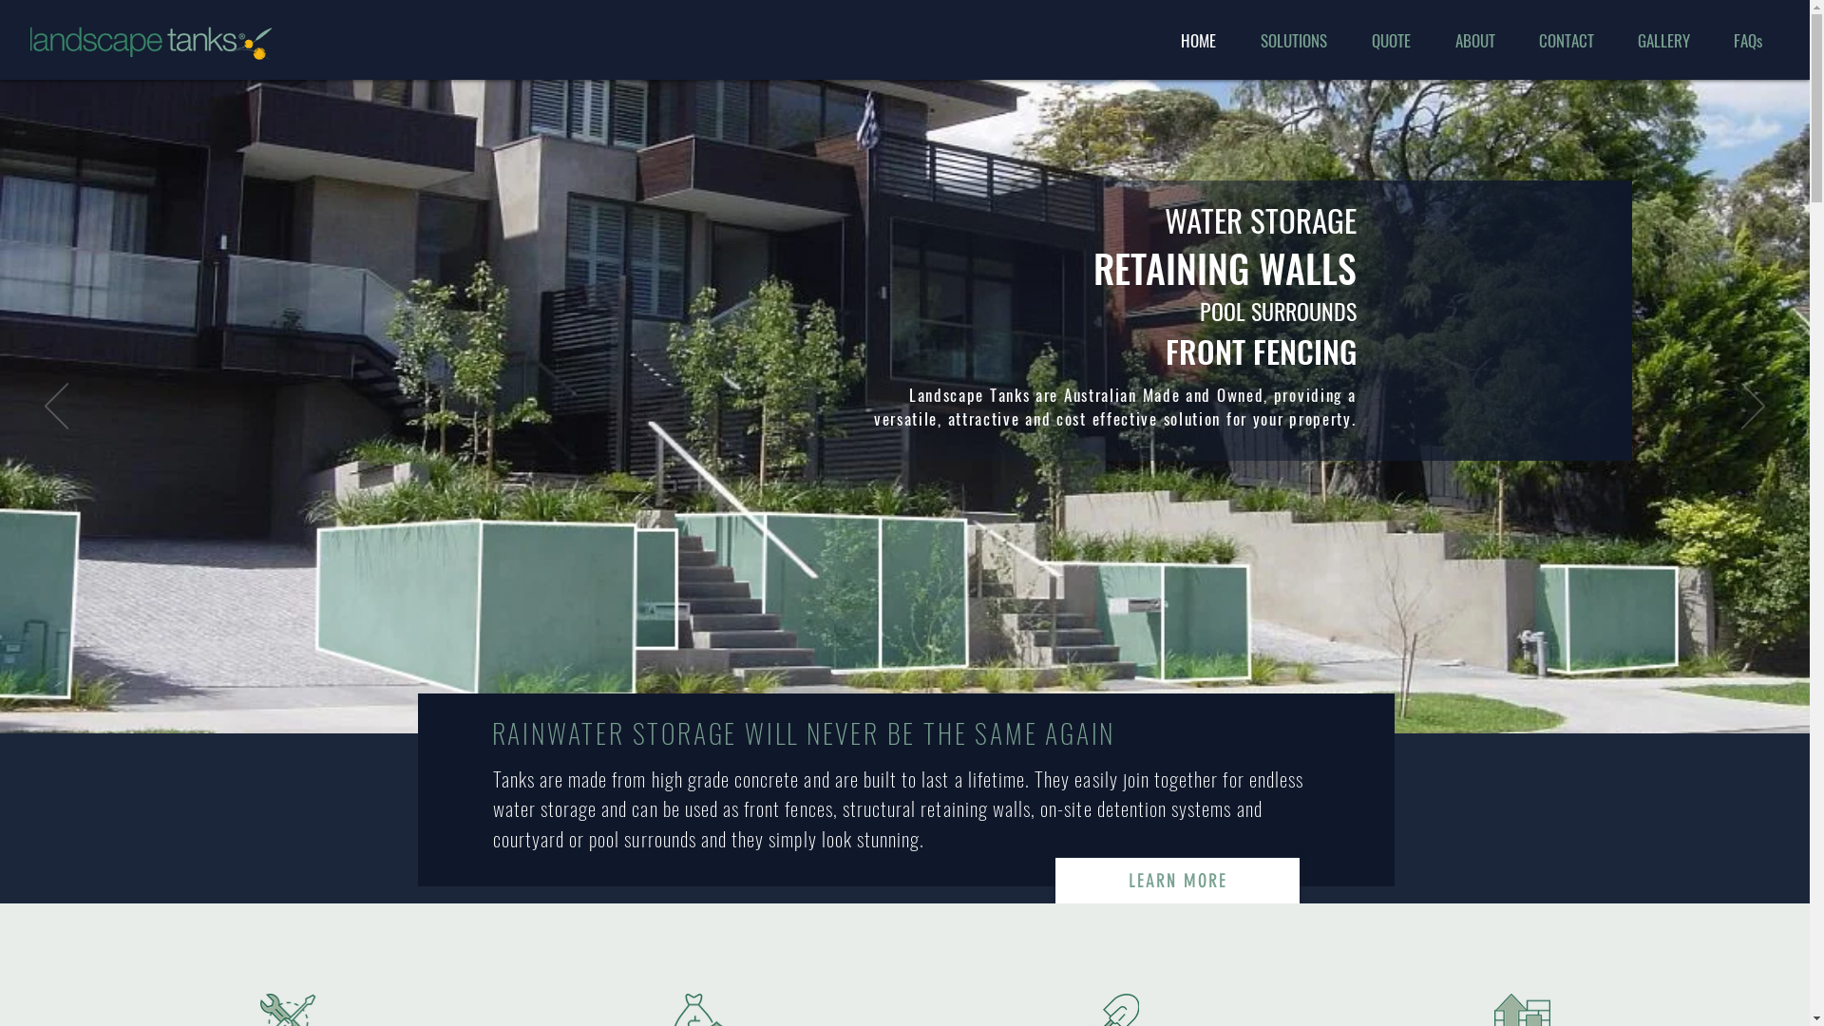 Image resolution: width=1824 pixels, height=1026 pixels. What do you see at coordinates (1391, 40) in the screenshot?
I see `'QUOTE'` at bounding box center [1391, 40].